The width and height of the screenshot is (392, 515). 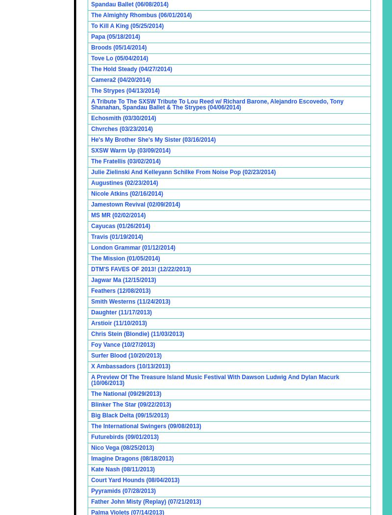 What do you see at coordinates (125, 258) in the screenshot?
I see `'The Mission (01/05/2014)'` at bounding box center [125, 258].